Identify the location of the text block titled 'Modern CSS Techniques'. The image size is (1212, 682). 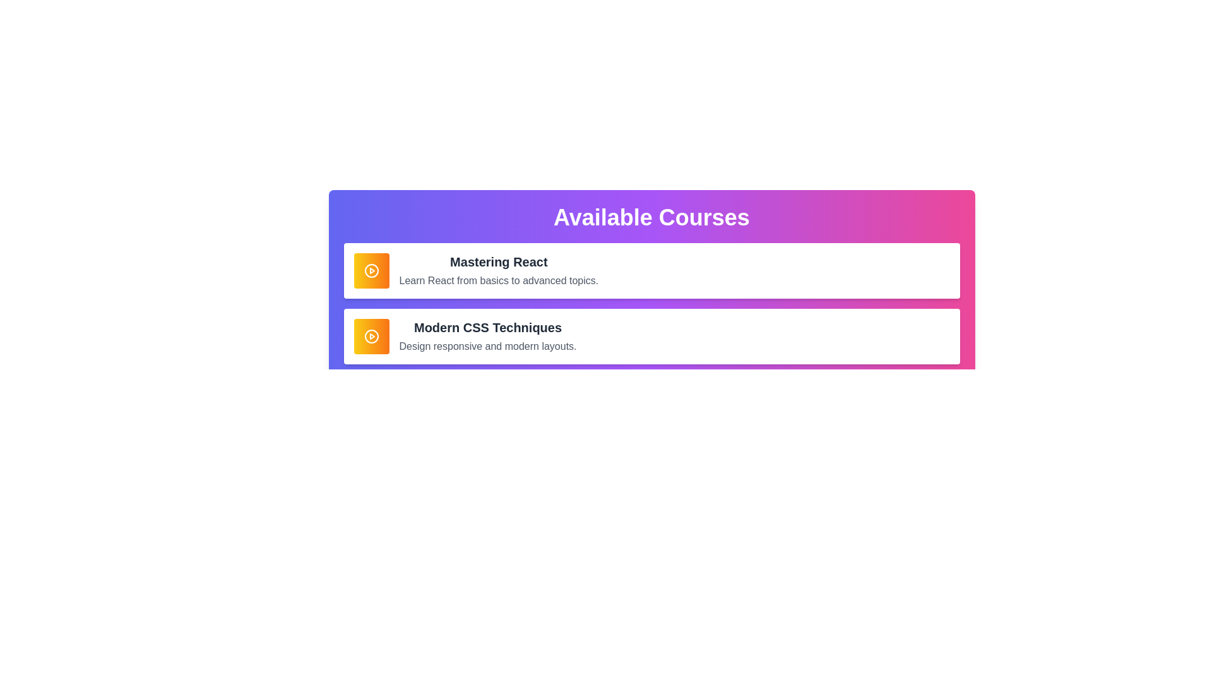
(487, 335).